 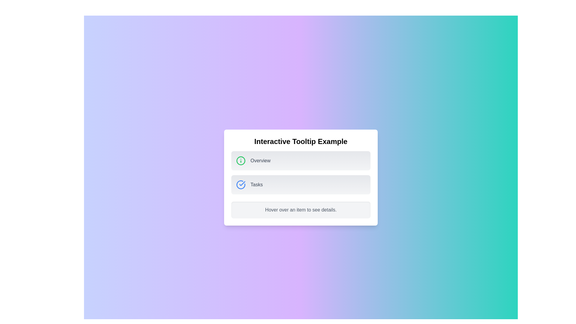 I want to click on the 'Overview' card-like button, which is the first card in a vertical stack directly above the 'Tasks' card, so click(x=301, y=160).